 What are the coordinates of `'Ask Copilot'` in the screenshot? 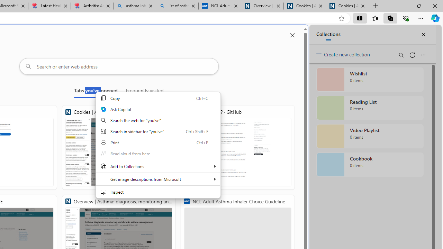 It's located at (157, 109).